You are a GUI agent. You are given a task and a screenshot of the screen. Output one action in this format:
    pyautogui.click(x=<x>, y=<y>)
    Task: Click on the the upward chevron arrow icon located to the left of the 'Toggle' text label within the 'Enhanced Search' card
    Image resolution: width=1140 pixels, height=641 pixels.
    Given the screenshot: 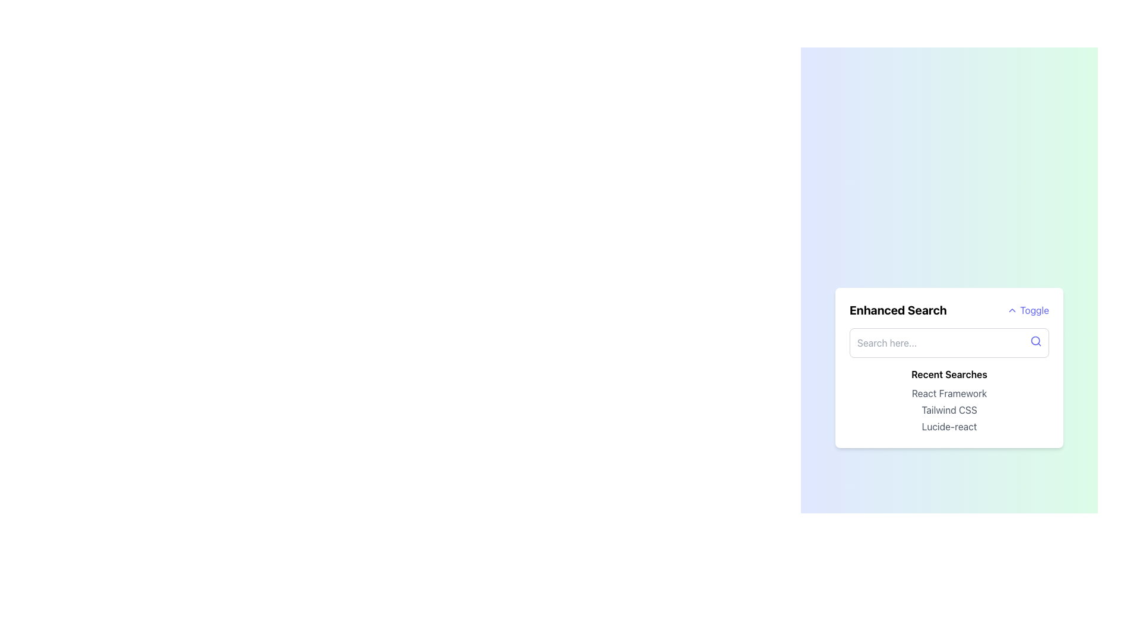 What is the action you would take?
    pyautogui.click(x=1012, y=310)
    